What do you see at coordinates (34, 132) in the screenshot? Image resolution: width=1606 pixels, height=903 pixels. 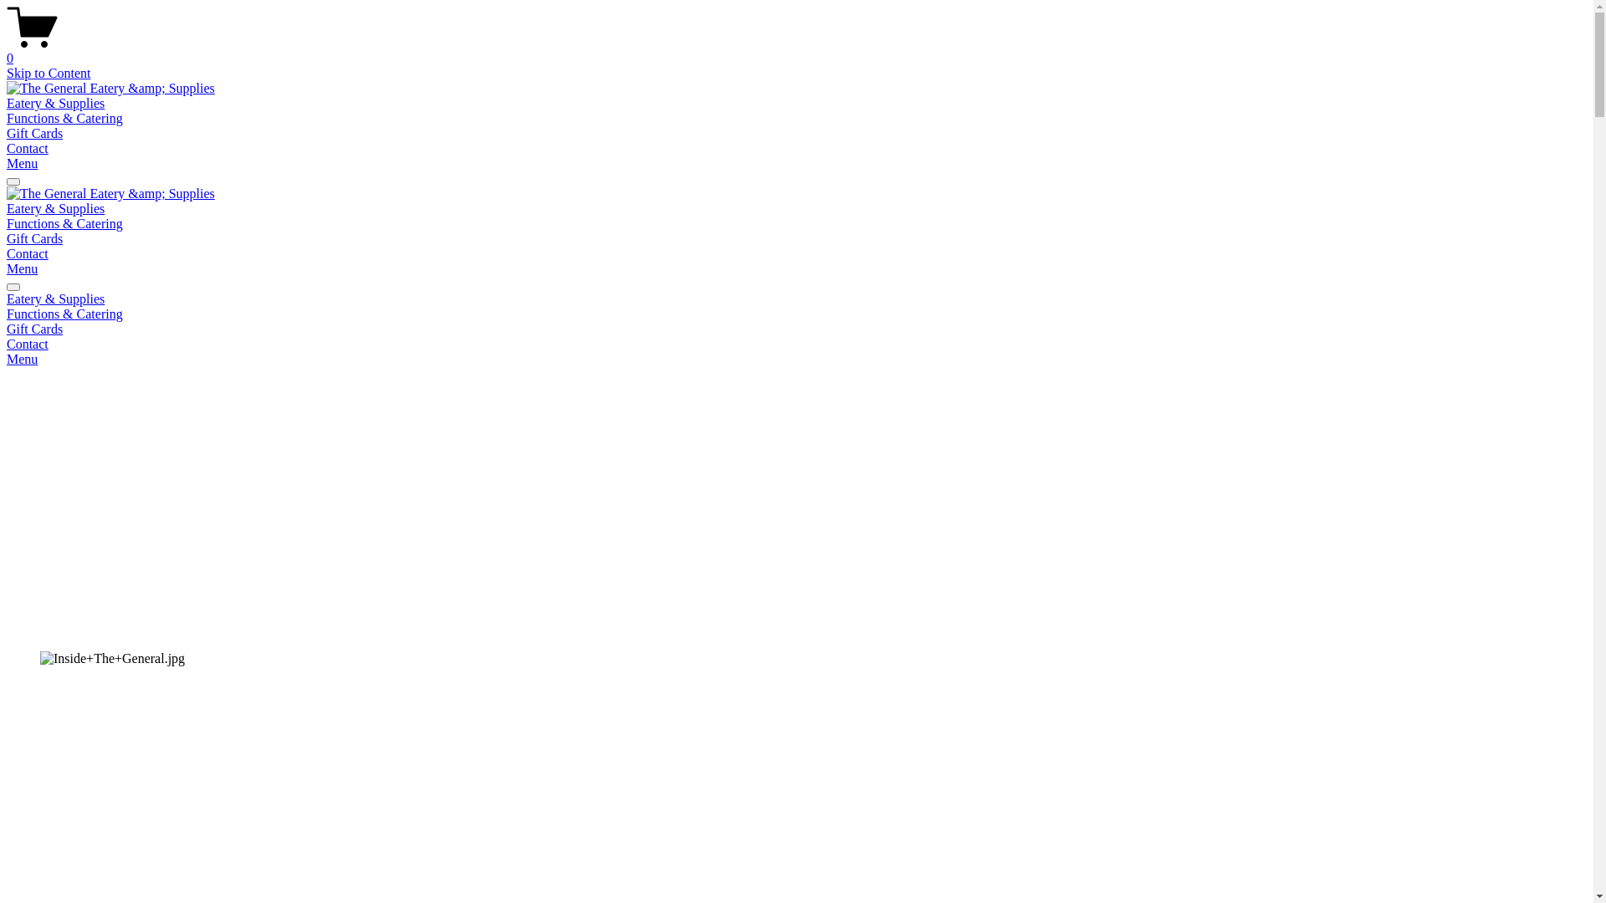 I see `'Gift Cards'` at bounding box center [34, 132].